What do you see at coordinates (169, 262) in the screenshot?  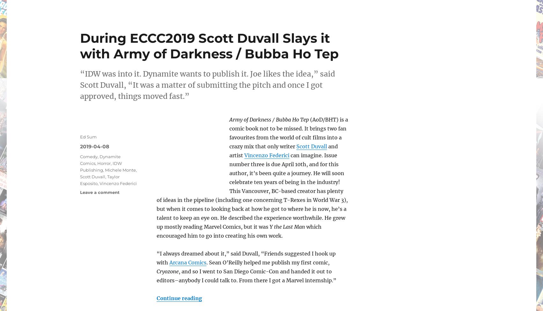 I see `'Arcana Comics'` at bounding box center [169, 262].